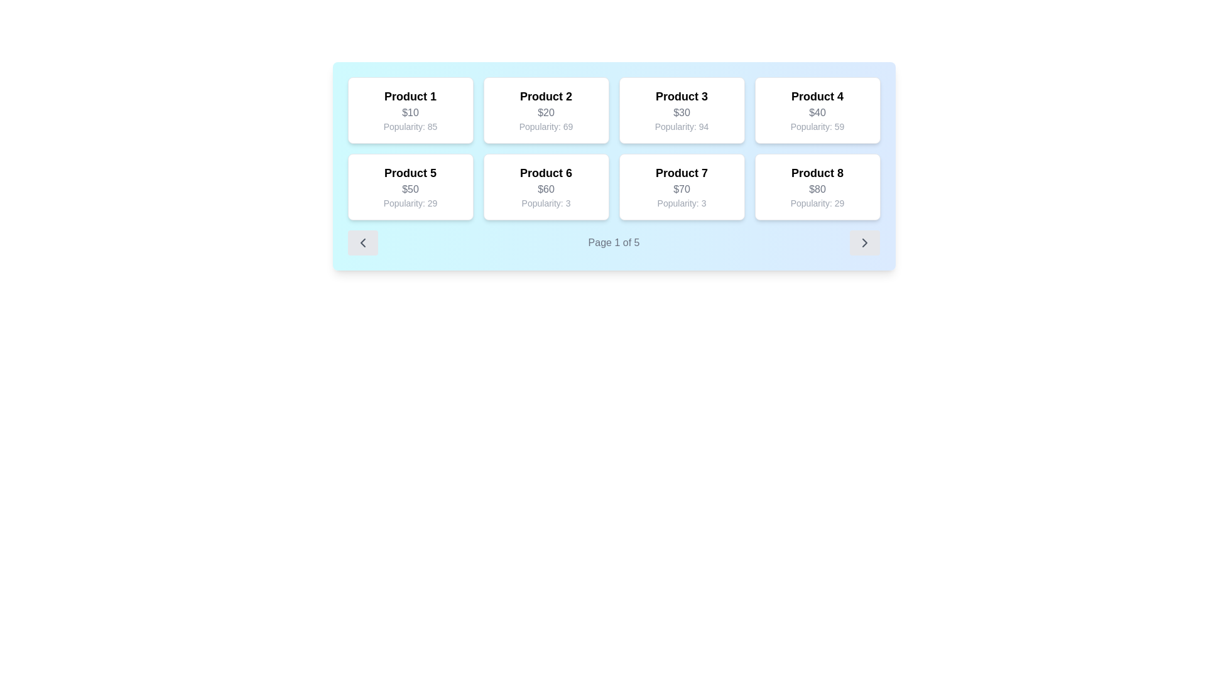 This screenshot has height=678, width=1206. Describe the element at coordinates (410, 203) in the screenshot. I see `the static text label displaying the popularity score of 'Product 5', located beneath the price text '$50'` at that location.